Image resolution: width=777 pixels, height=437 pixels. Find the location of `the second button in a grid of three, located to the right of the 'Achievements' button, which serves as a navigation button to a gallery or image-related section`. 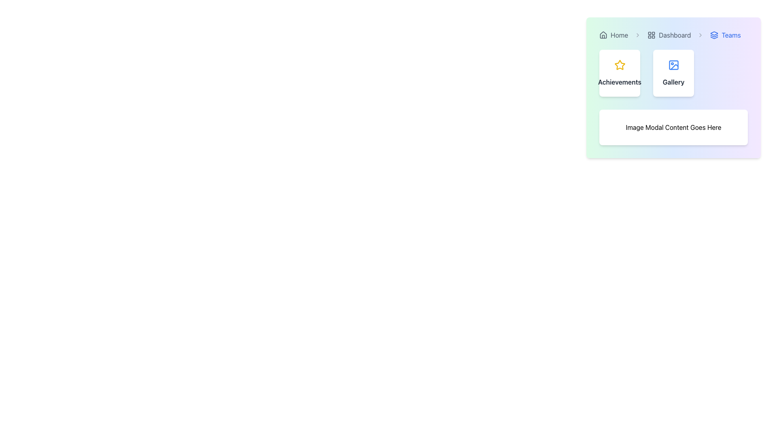

the second button in a grid of three, located to the right of the 'Achievements' button, which serves as a navigation button to a gallery or image-related section is located at coordinates (673, 73).